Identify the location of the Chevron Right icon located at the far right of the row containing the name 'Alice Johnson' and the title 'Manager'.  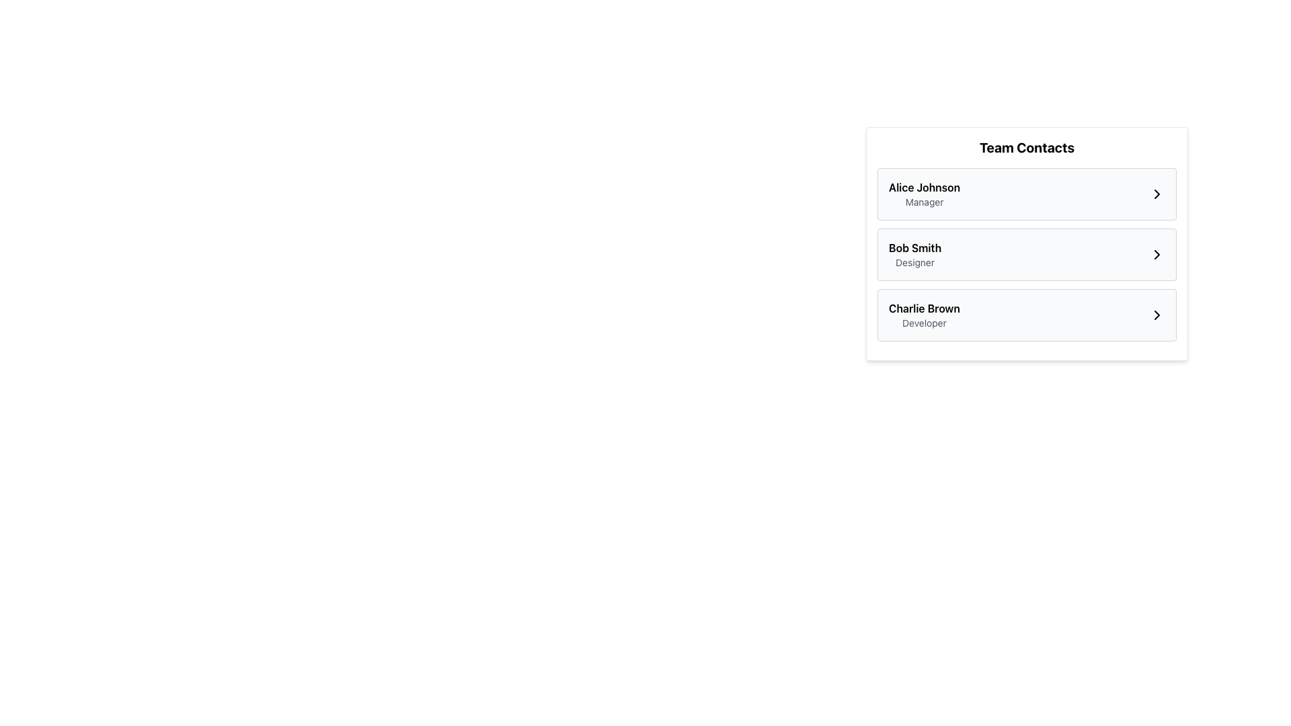
(1157, 194).